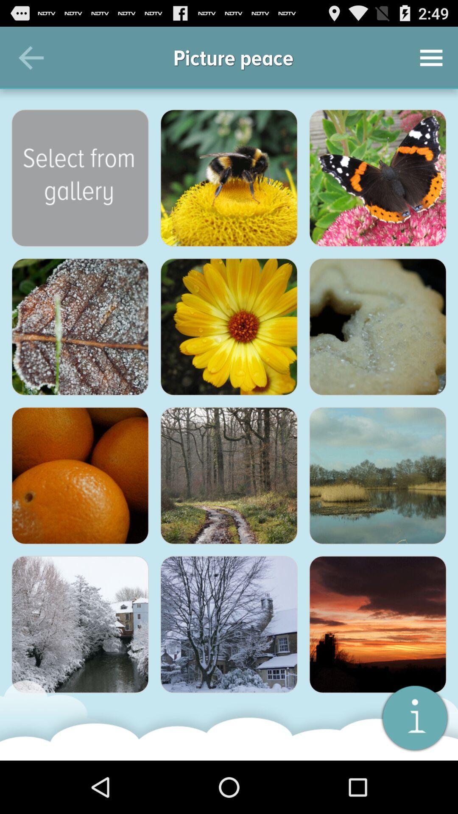 This screenshot has width=458, height=814. Describe the element at coordinates (229, 624) in the screenshot. I see `wallpaper` at that location.